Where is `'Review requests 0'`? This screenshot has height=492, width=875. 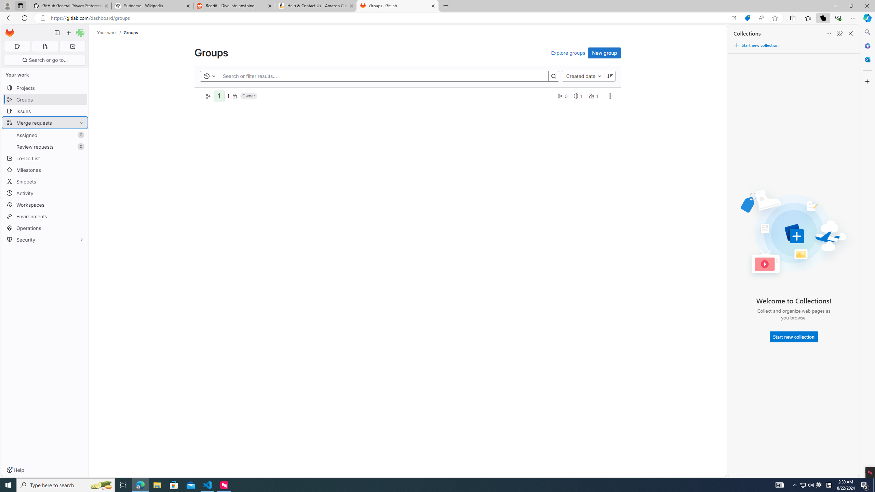 'Review requests 0' is located at coordinates (44, 146).